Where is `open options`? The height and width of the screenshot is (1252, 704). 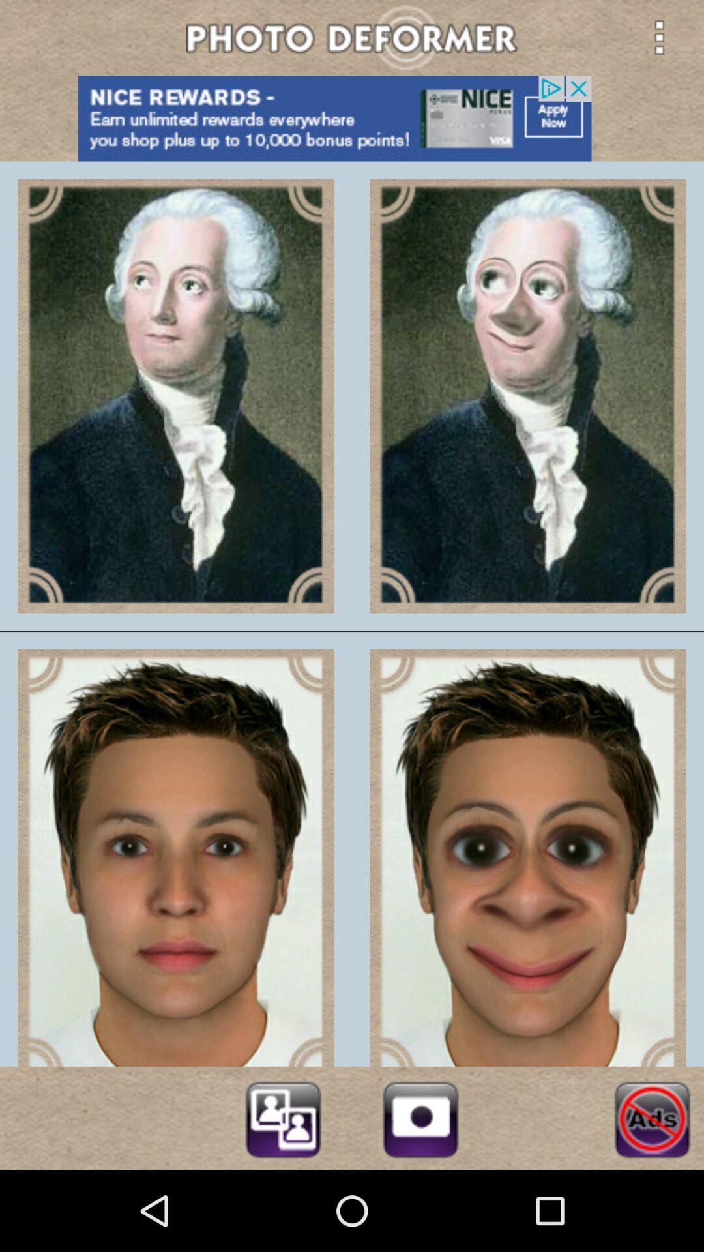
open options is located at coordinates (659, 37).